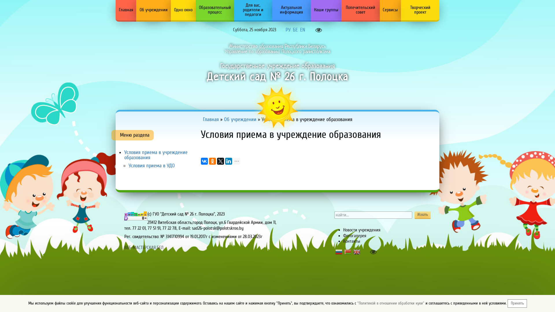 This screenshot has height=312, width=555. I want to click on 'Twitter', so click(220, 161).